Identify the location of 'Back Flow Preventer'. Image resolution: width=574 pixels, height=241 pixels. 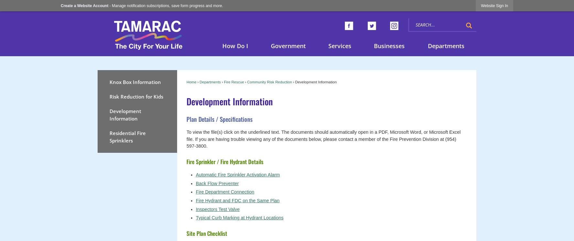
(217, 183).